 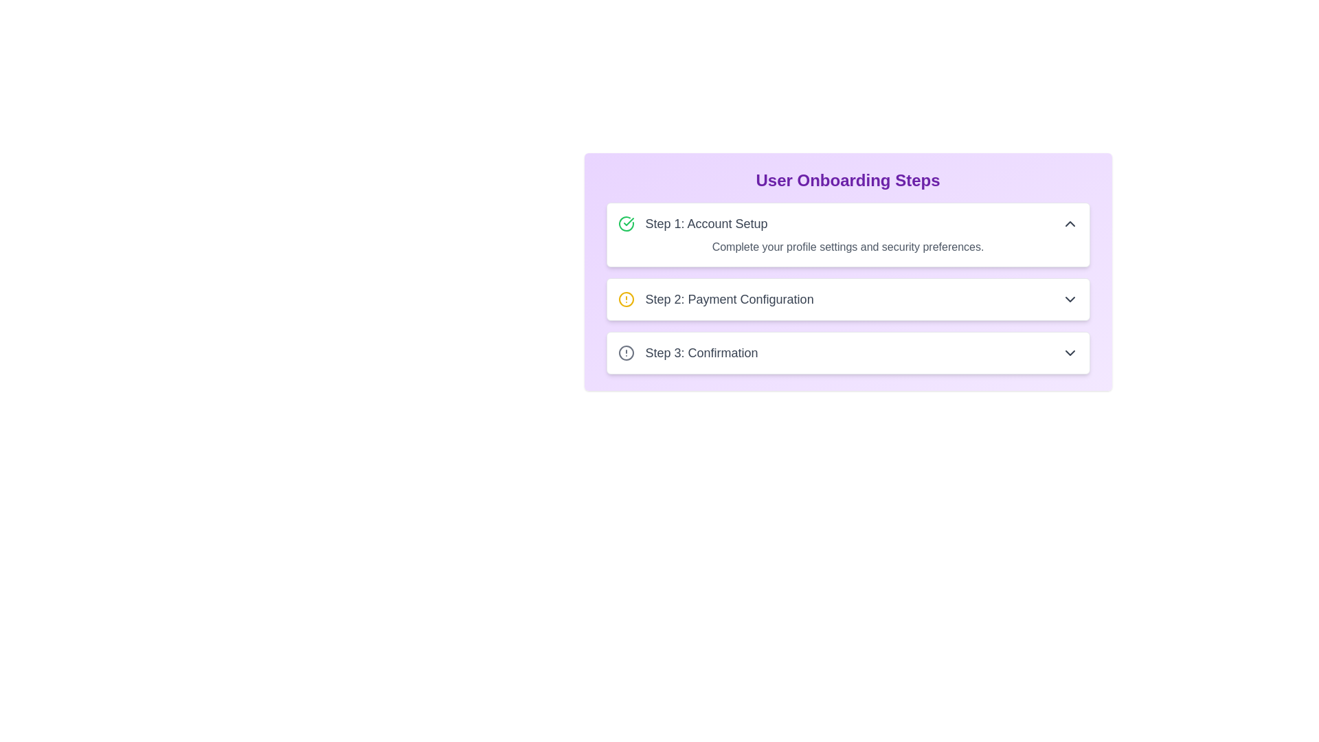 I want to click on the alert icon indicating status for 'Step 3: Confirmation' in the 'User Onboarding Steps' section, so click(x=625, y=352).